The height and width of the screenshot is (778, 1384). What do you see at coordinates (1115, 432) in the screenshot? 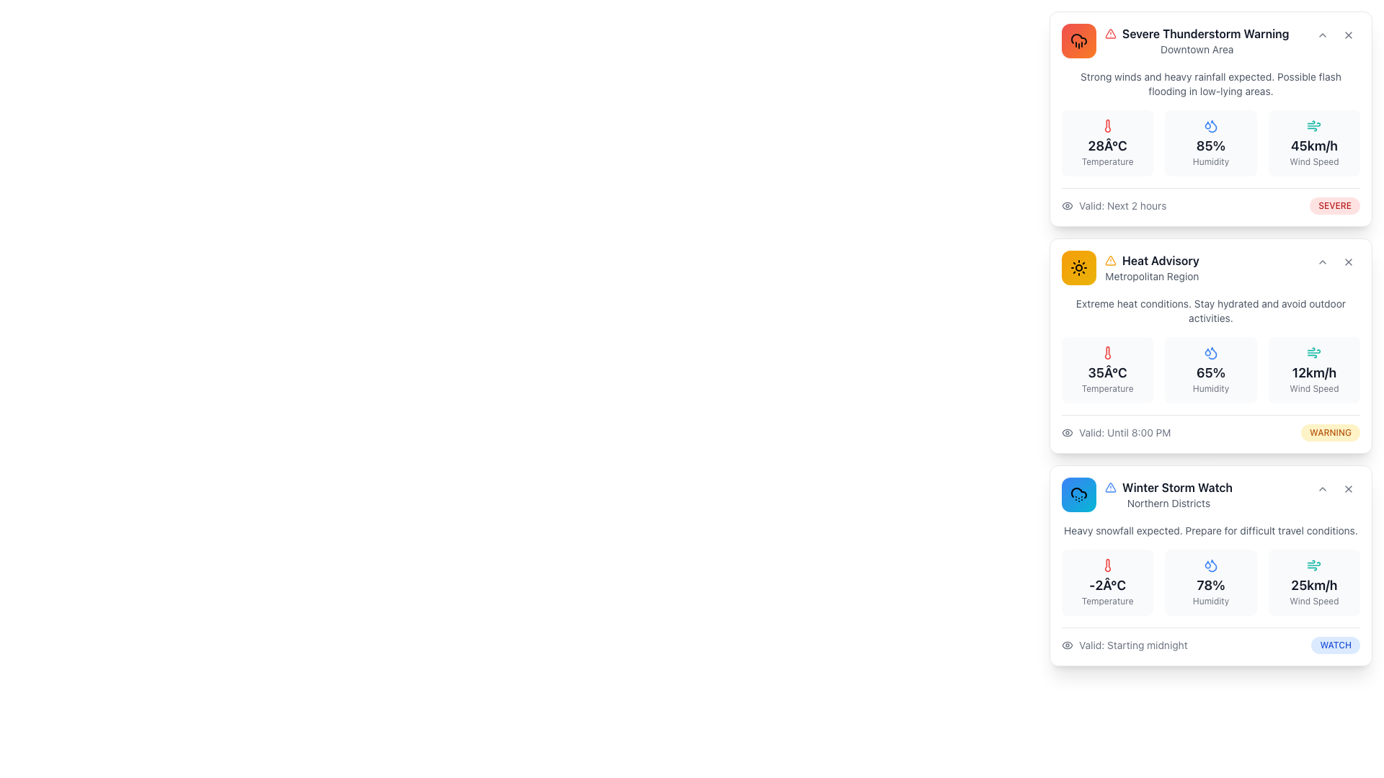
I see `the text label with icon indicating the validity period of the information in the 'Heat Advisory' card, located above the yellow 'WARNING' button` at bounding box center [1115, 432].